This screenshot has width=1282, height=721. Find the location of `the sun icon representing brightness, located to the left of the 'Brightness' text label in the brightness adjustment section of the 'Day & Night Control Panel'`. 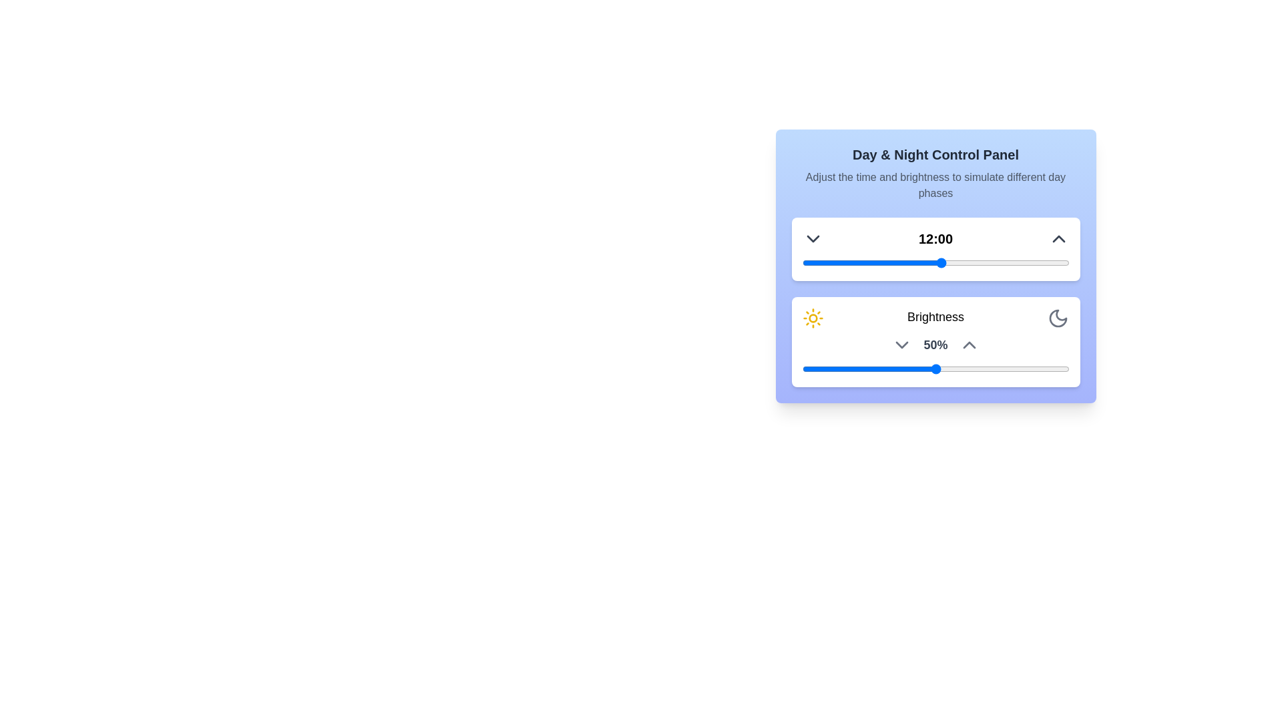

the sun icon representing brightness, located to the left of the 'Brightness' text label in the brightness adjustment section of the 'Day & Night Control Panel' is located at coordinates (812, 318).